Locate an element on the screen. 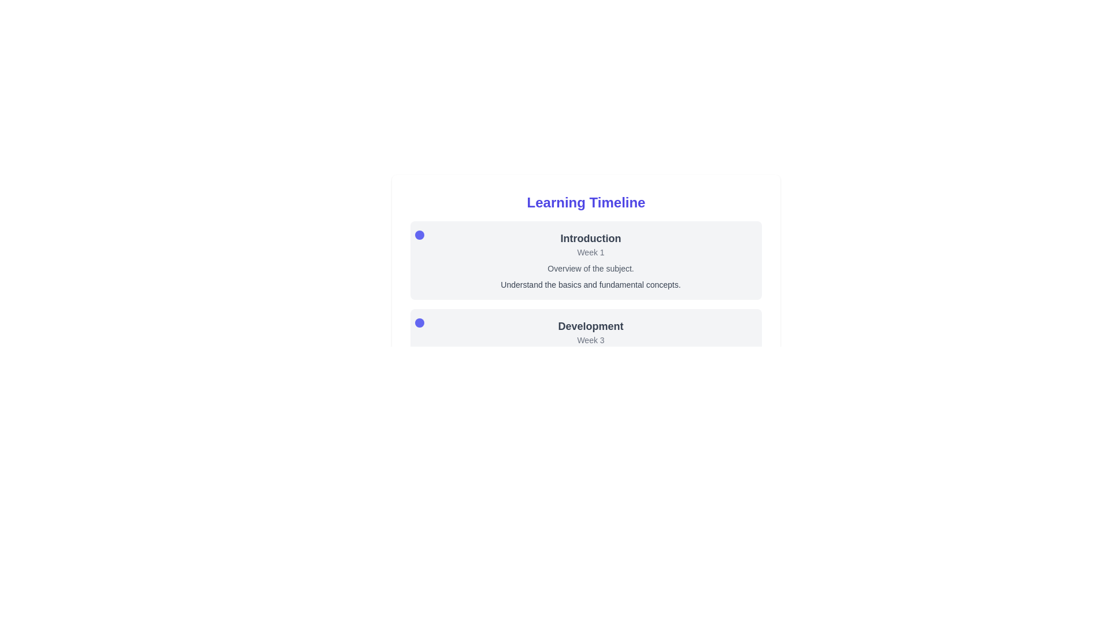 Image resolution: width=1110 pixels, height=624 pixels. the circular indigo decorative bullet point located to the left of the 'Development' text in the timeline card structure is located at coordinates (419, 323).